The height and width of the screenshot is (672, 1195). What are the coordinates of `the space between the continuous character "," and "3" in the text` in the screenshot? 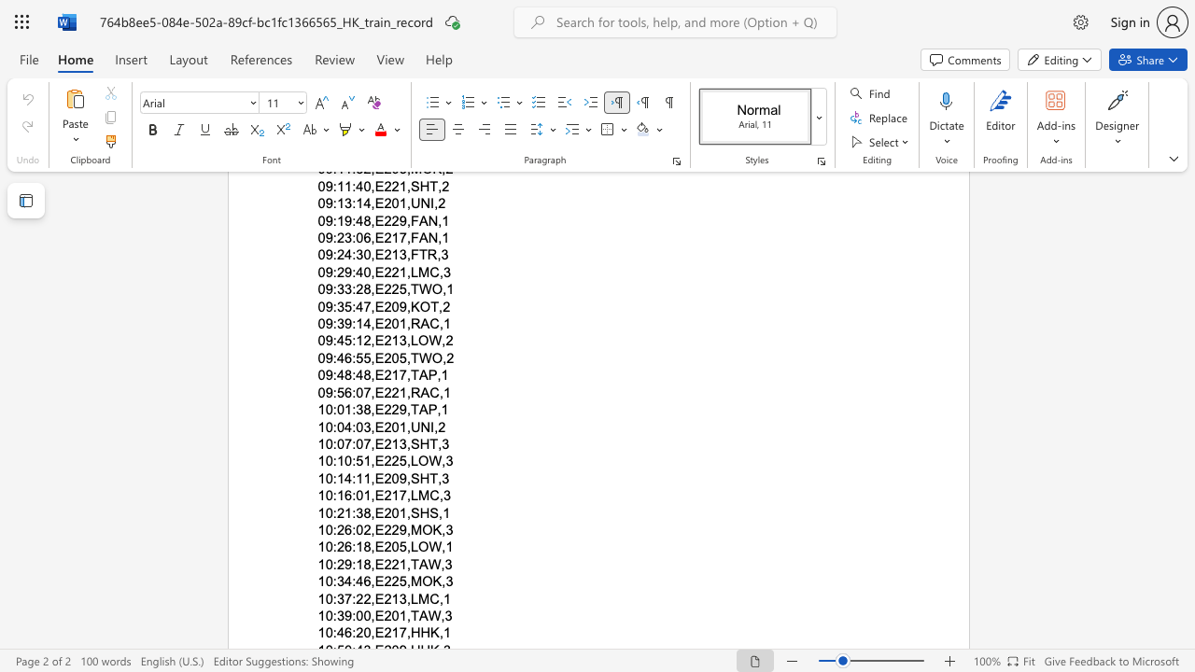 It's located at (442, 477).